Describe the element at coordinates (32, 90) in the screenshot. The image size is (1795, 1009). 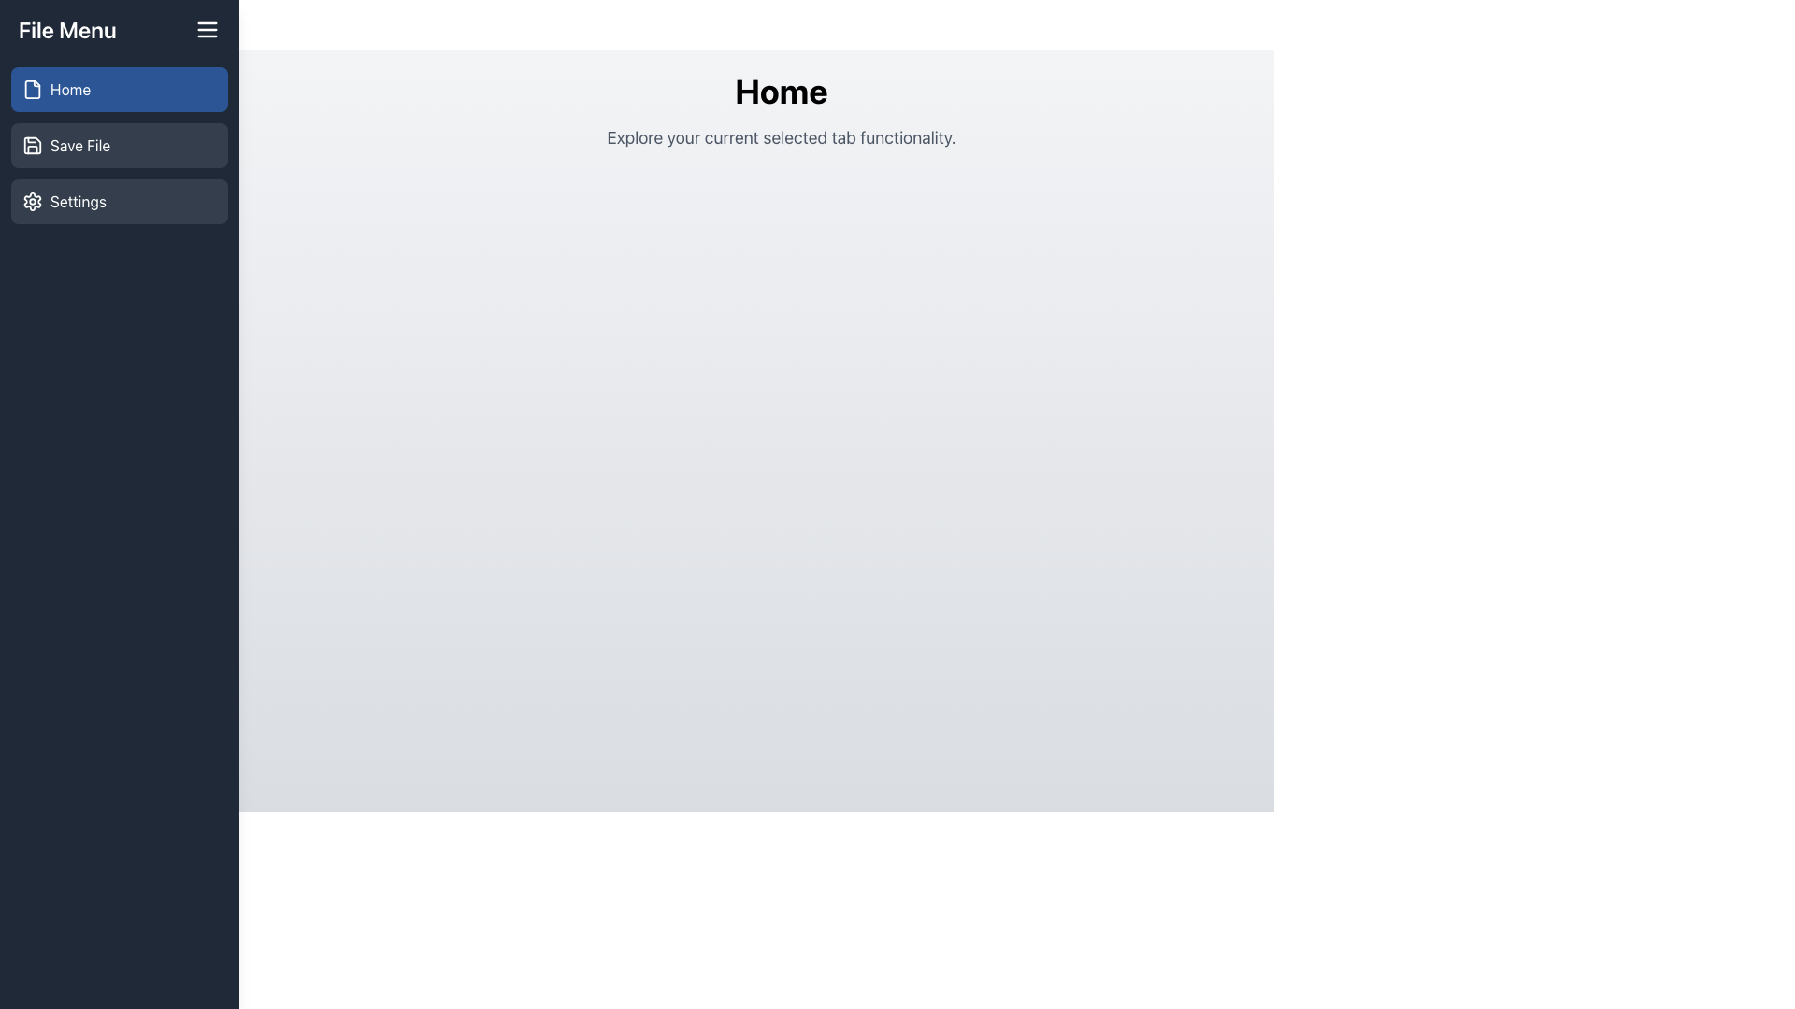
I see `the 'Home' icon located in the blue-colored menu button in the vertical navigation bar on the left, which is the first icon next to the text label 'Home'` at that location.